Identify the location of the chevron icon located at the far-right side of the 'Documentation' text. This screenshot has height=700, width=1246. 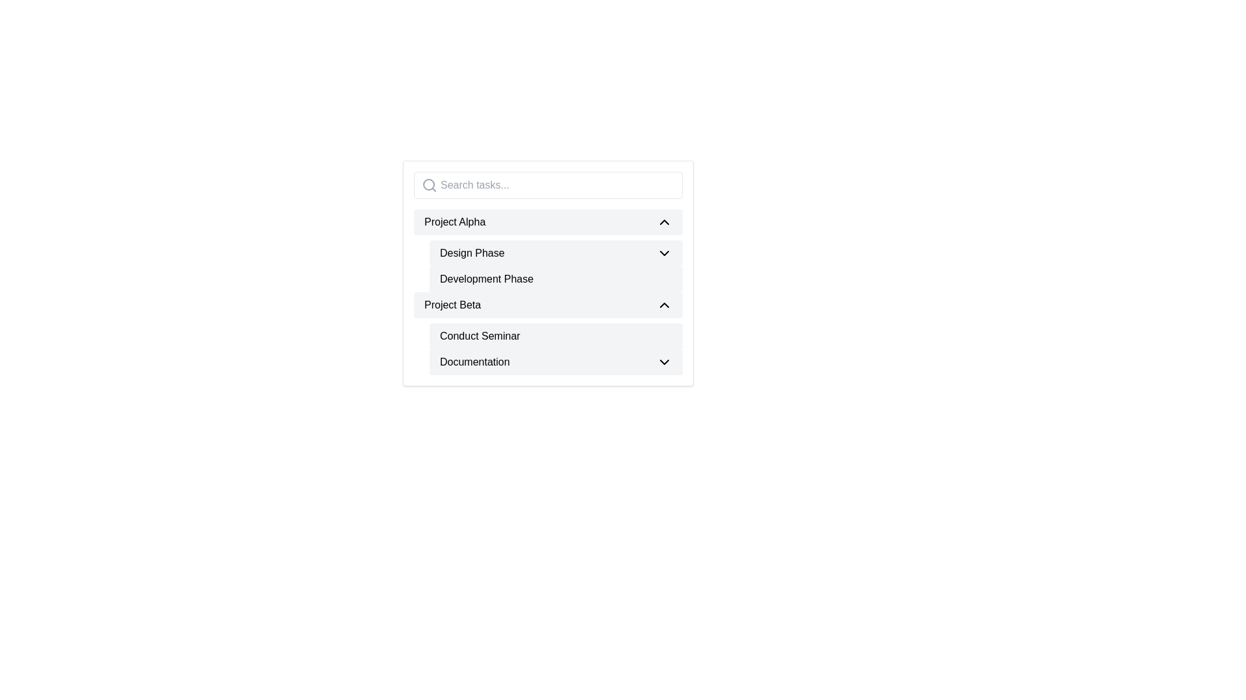
(664, 362).